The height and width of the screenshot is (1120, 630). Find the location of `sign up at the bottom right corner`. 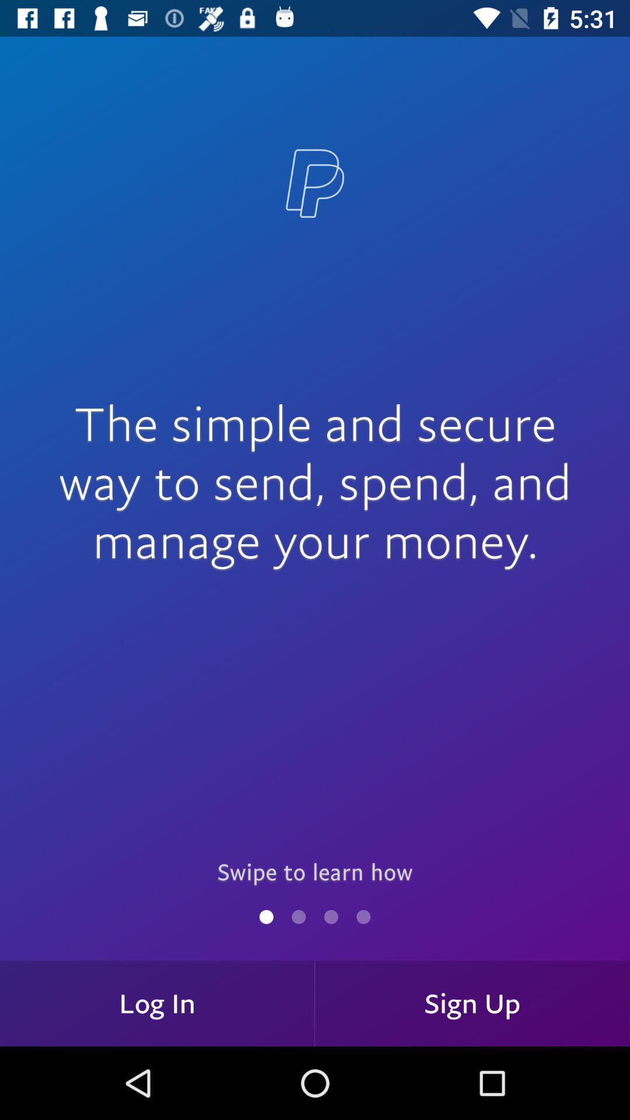

sign up at the bottom right corner is located at coordinates (473, 1003).